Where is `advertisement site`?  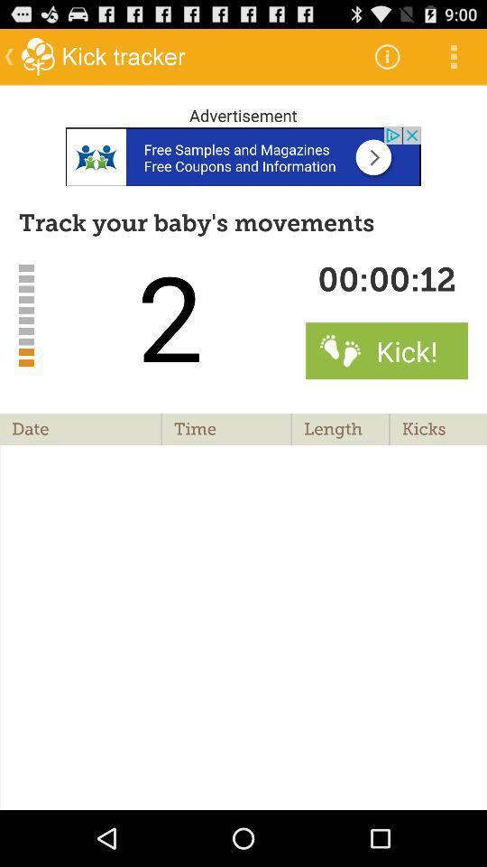 advertisement site is located at coordinates (243, 155).